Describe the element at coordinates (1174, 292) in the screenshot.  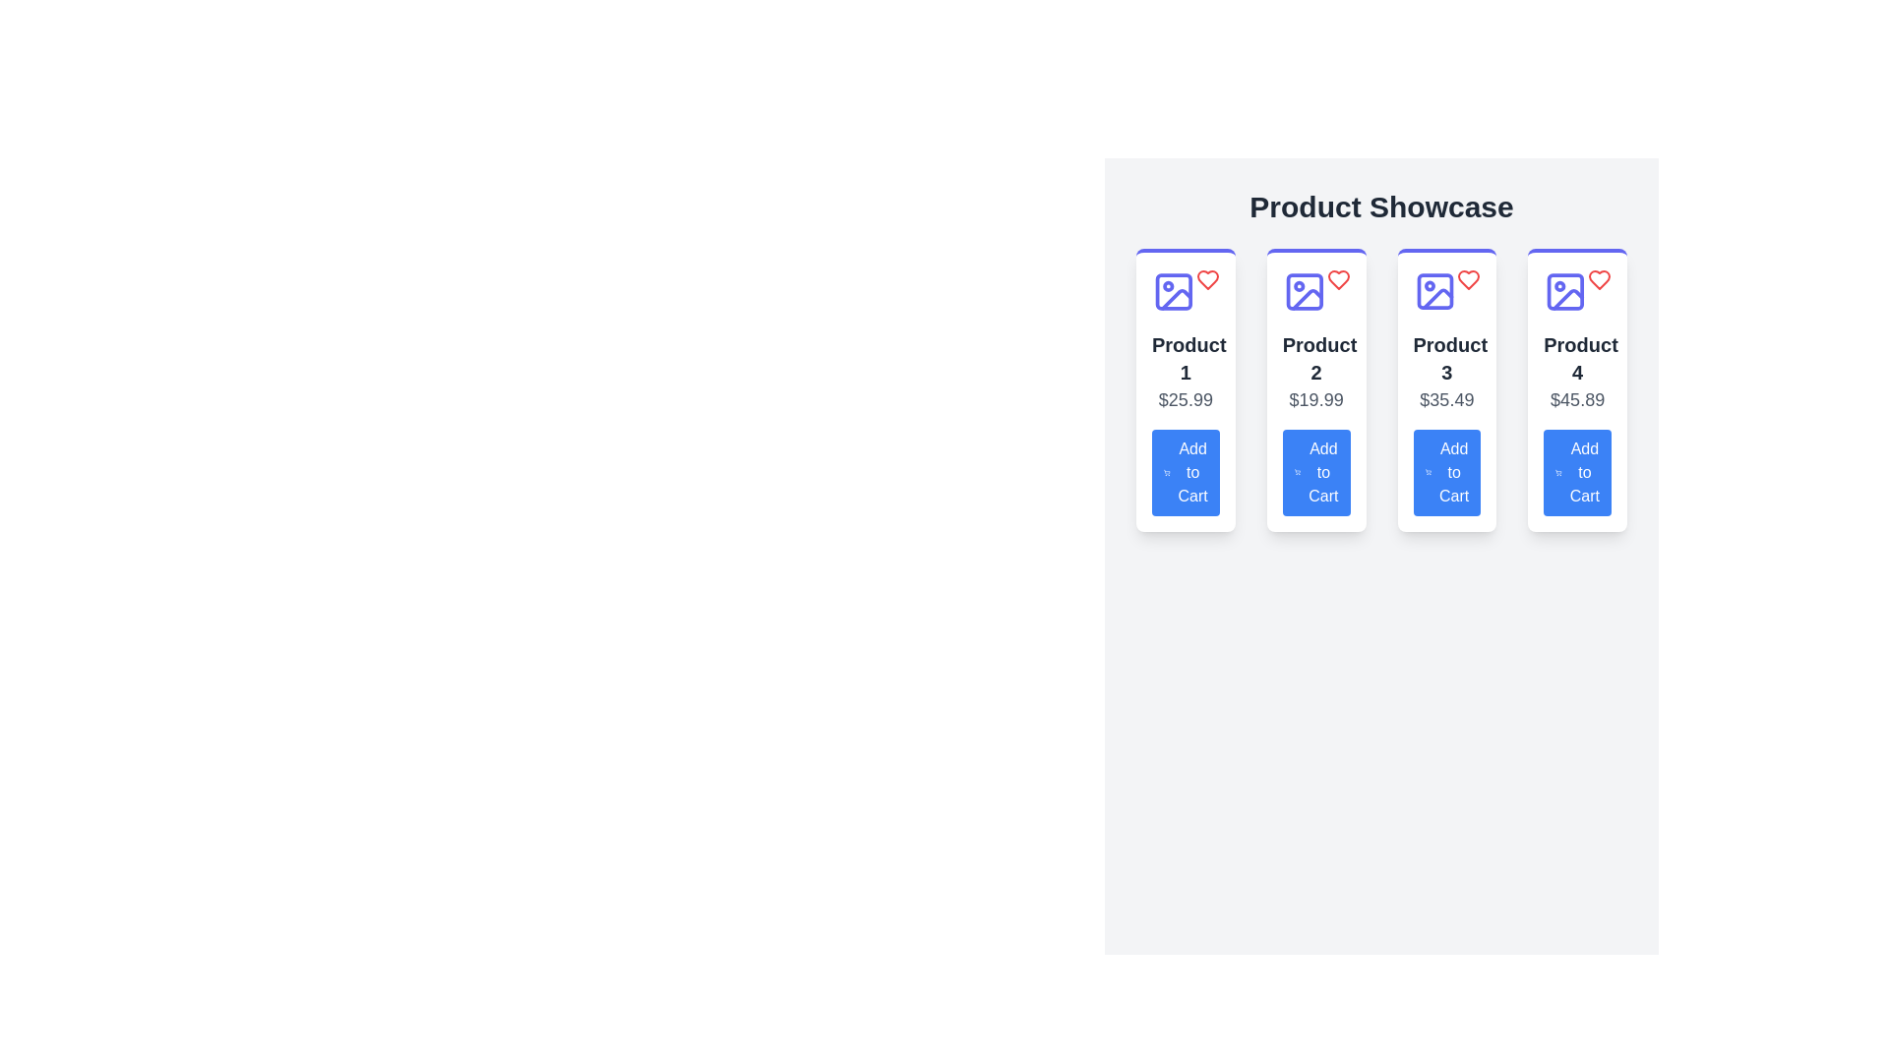
I see `the icon representing the product's image placeholder in the top left corner of the first product card, located above the text 'Product 1'` at that location.